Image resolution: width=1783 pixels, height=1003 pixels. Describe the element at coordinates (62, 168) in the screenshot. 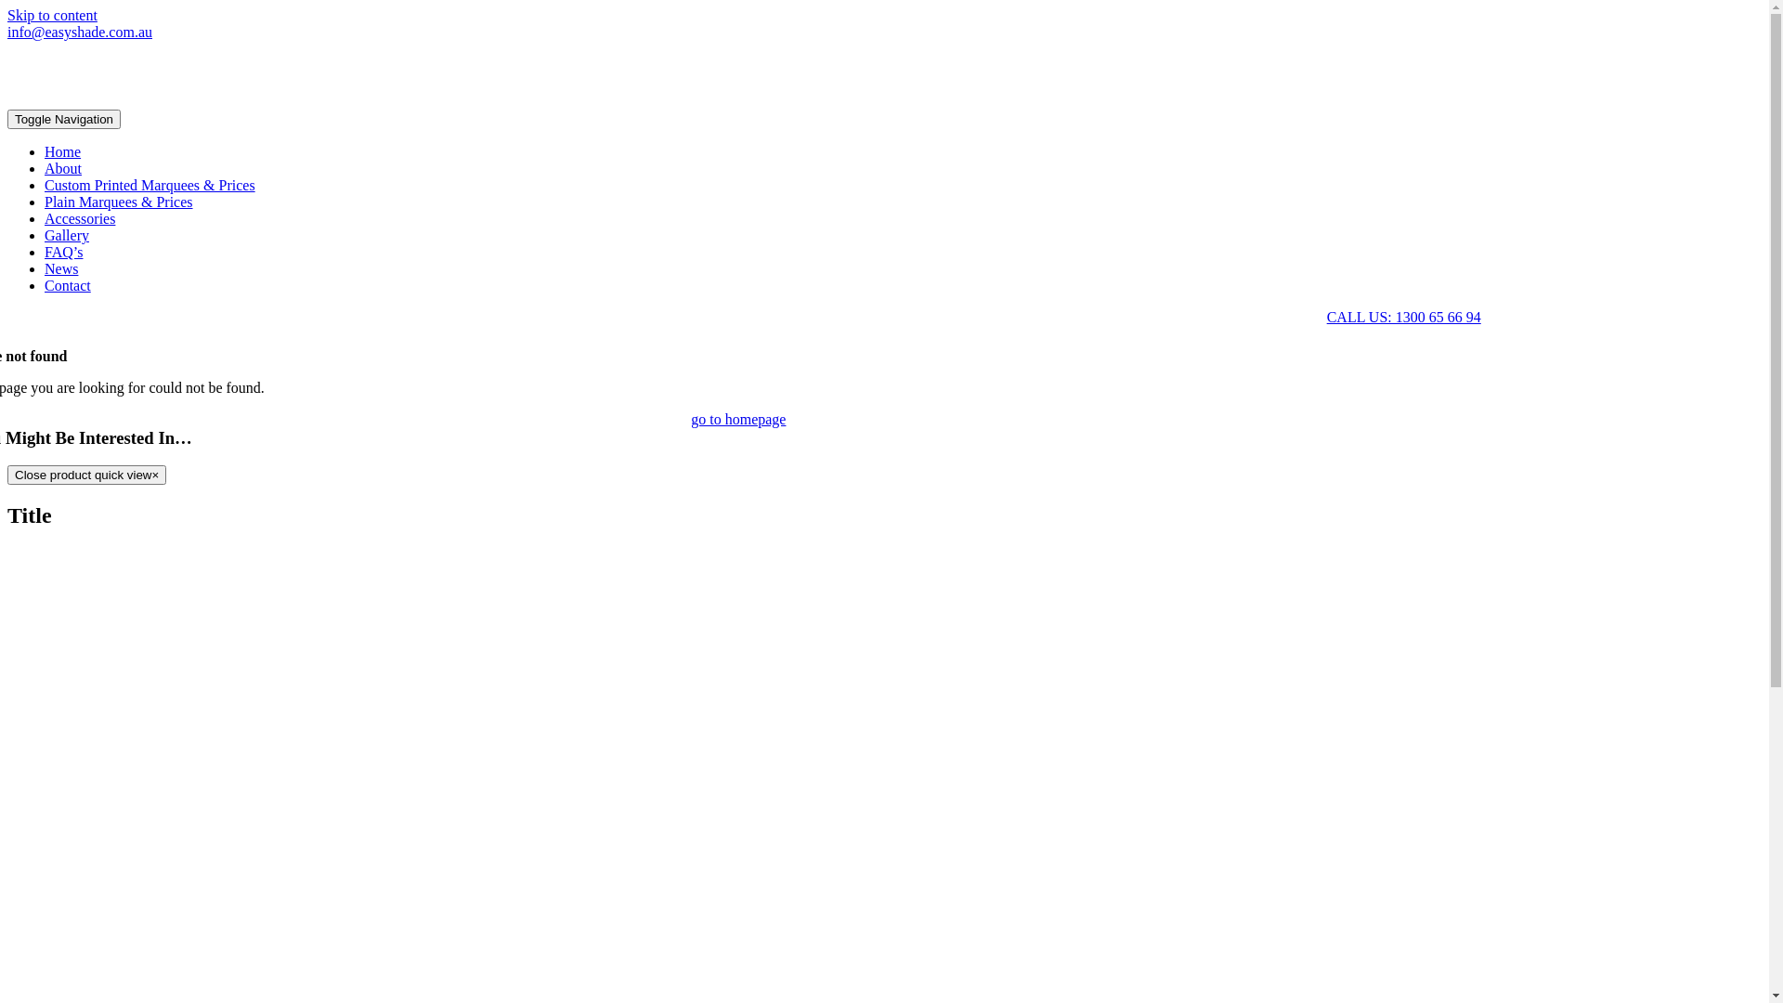

I see `'About'` at that location.